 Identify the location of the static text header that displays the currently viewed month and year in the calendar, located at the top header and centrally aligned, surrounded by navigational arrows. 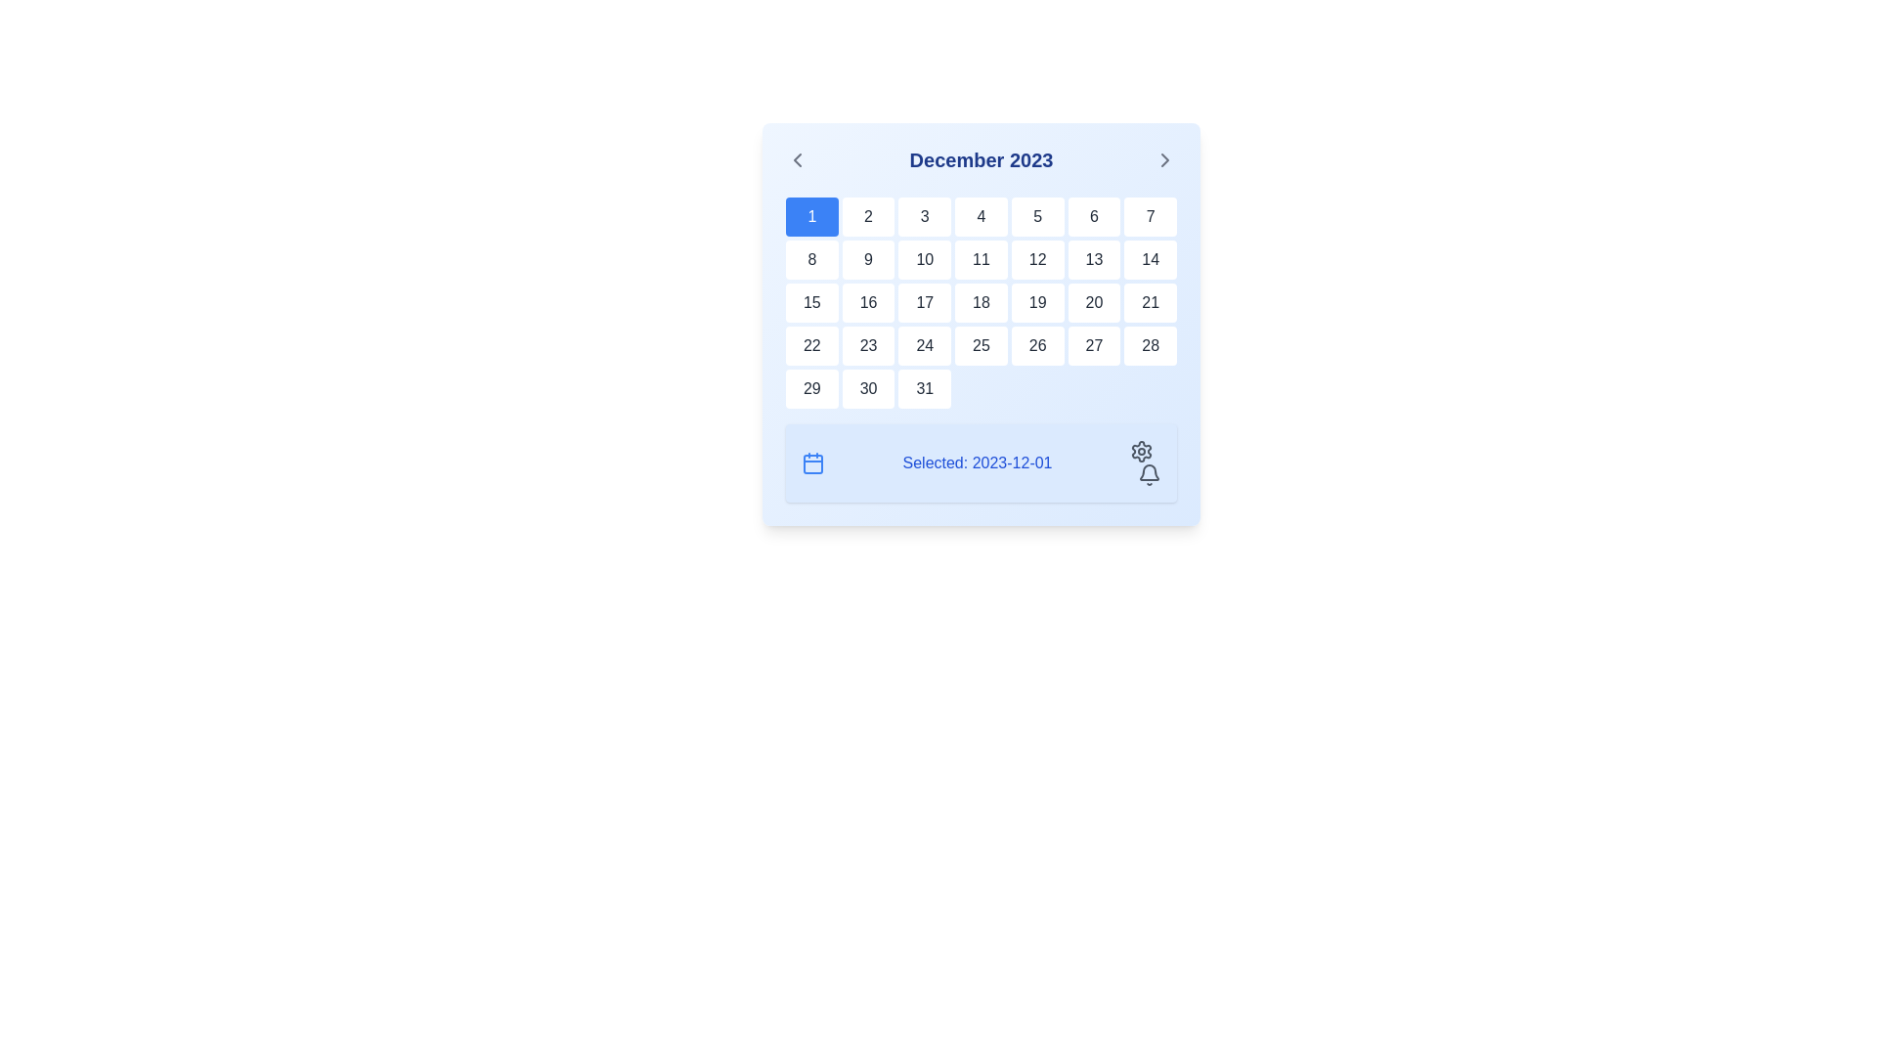
(981, 159).